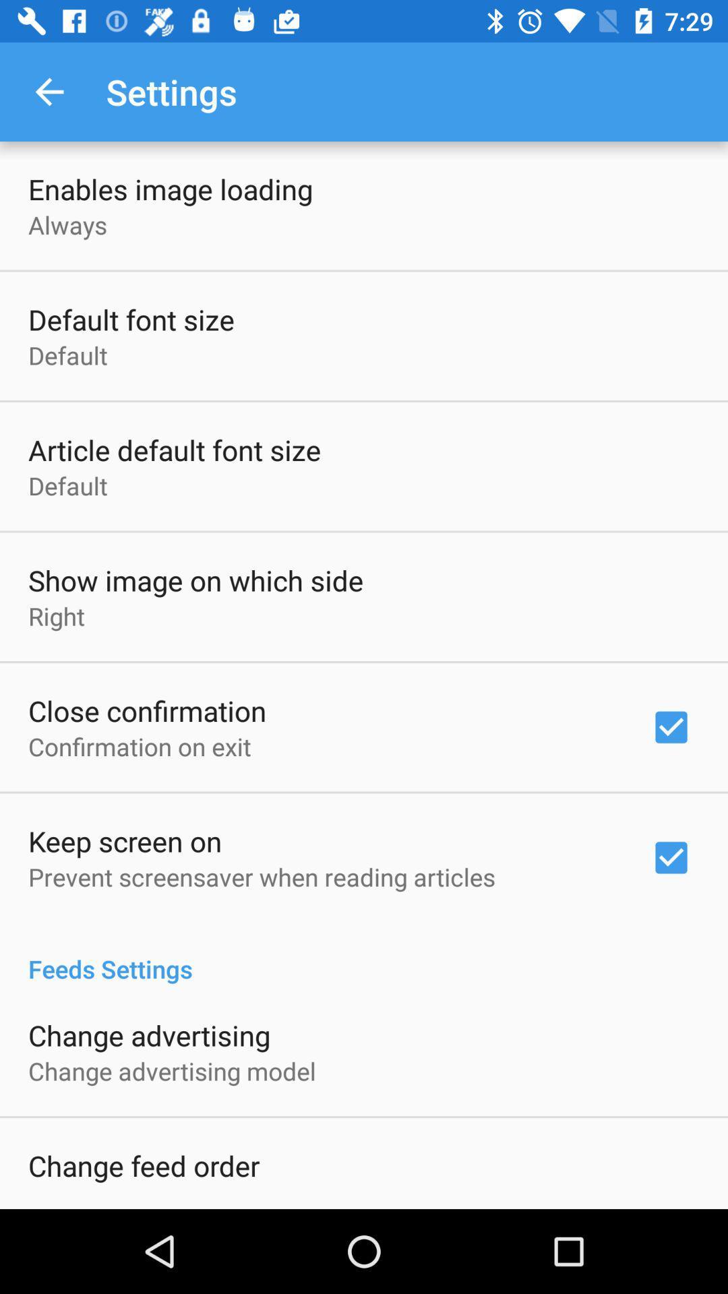 This screenshot has width=728, height=1294. What do you see at coordinates (49, 91) in the screenshot?
I see `the icon next to settings item` at bounding box center [49, 91].